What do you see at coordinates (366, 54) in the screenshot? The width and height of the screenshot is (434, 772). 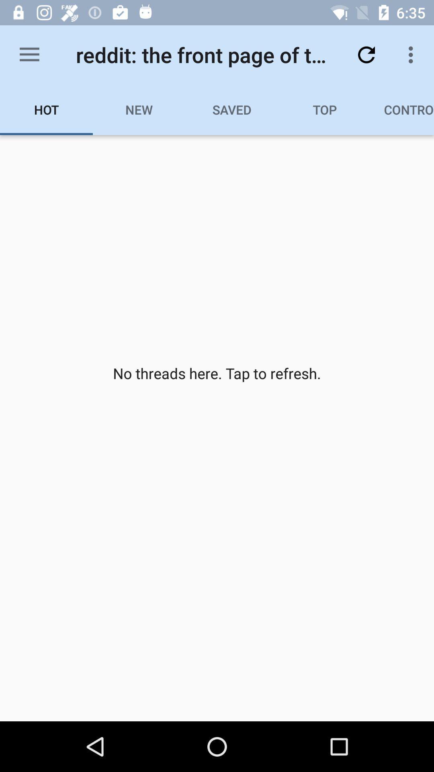 I see `the item above top` at bounding box center [366, 54].